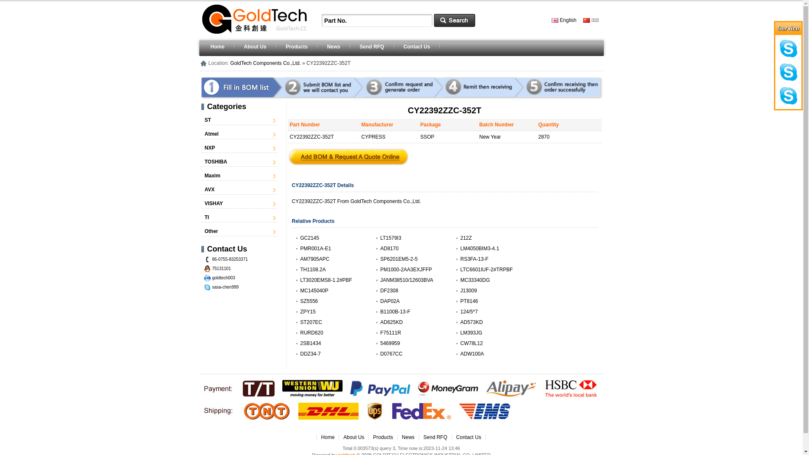 The width and height of the screenshot is (809, 455). I want to click on 'AM7905APC', so click(314, 258).